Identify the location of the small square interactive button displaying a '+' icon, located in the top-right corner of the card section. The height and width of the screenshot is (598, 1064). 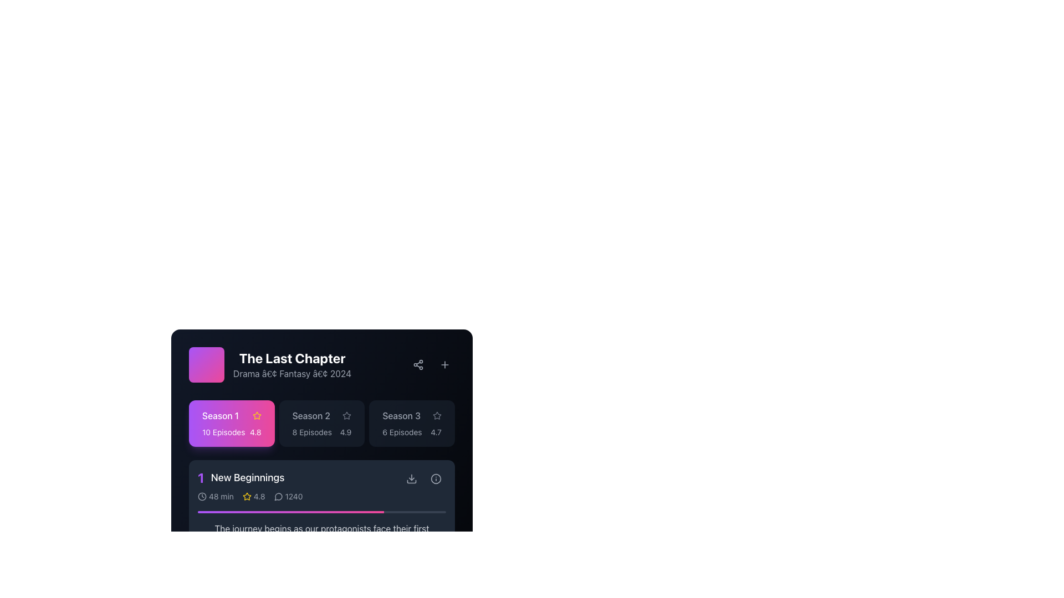
(444, 365).